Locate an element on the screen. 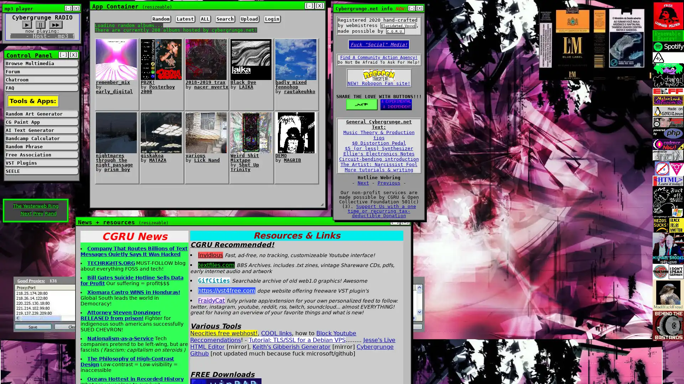 Image resolution: width=684 pixels, height=384 pixels. [-] is located at coordinates (63, 54).